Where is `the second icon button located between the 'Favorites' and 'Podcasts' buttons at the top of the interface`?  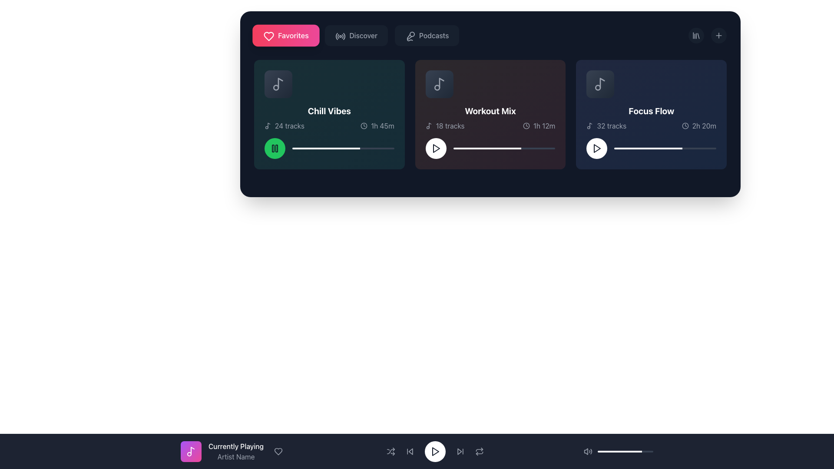 the second icon button located between the 'Favorites' and 'Podcasts' buttons at the top of the interface is located at coordinates (340, 36).